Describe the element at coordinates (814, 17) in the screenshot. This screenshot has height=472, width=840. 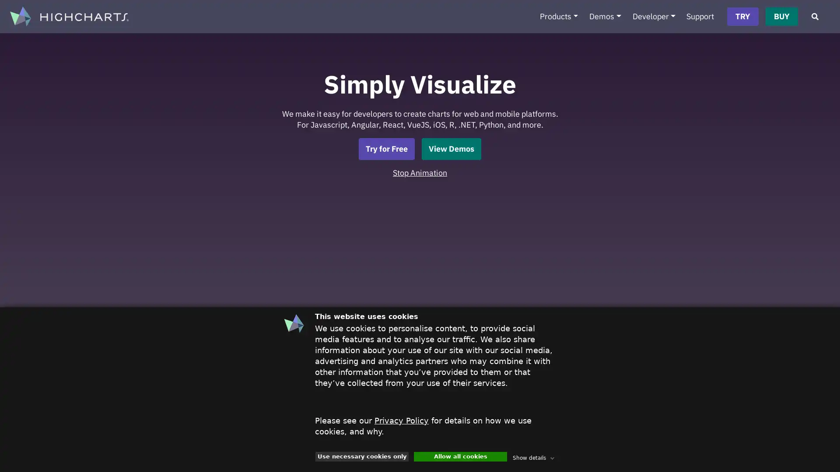
I see `Open search field` at that location.